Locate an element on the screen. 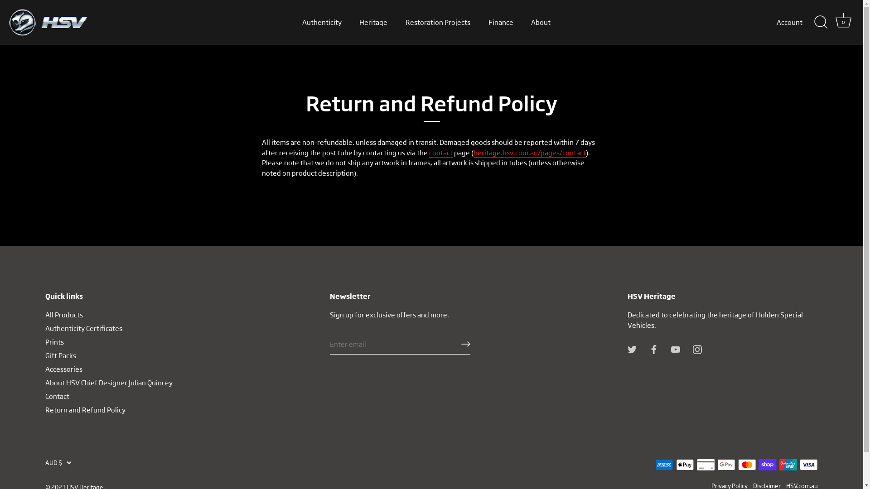  'Gift Packs' is located at coordinates (60, 355).